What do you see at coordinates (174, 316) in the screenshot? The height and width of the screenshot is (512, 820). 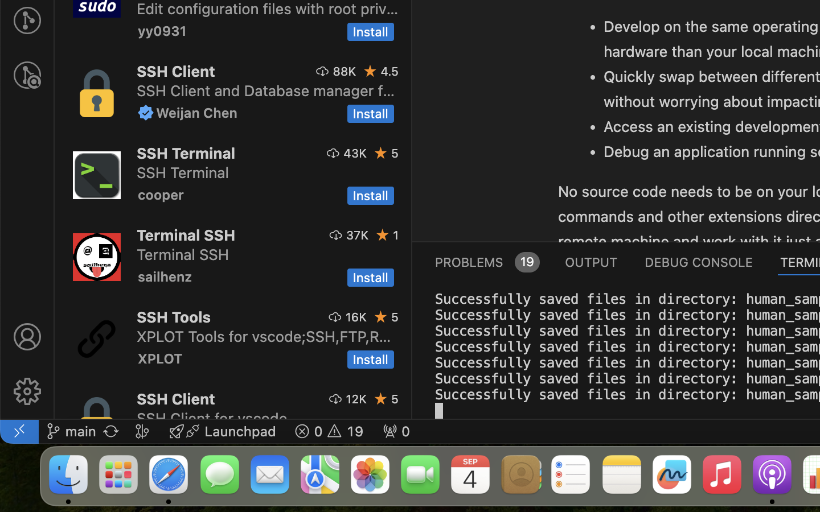 I see `'SSH Tools'` at bounding box center [174, 316].